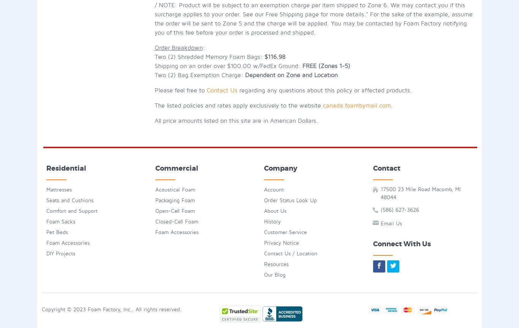 This screenshot has height=328, width=519. Describe the element at coordinates (399, 209) in the screenshot. I see `'(586) 627-3626'` at that location.